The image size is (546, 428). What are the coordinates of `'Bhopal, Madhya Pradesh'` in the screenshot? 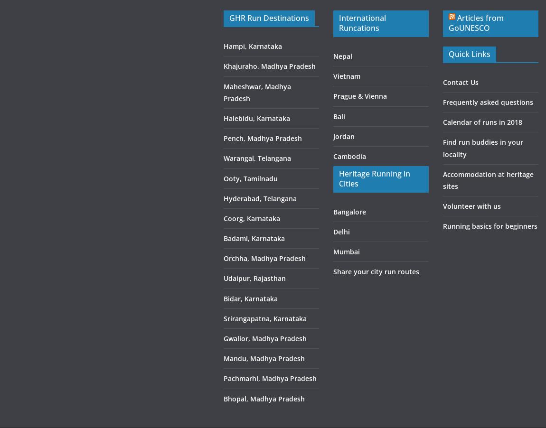 It's located at (264, 398).